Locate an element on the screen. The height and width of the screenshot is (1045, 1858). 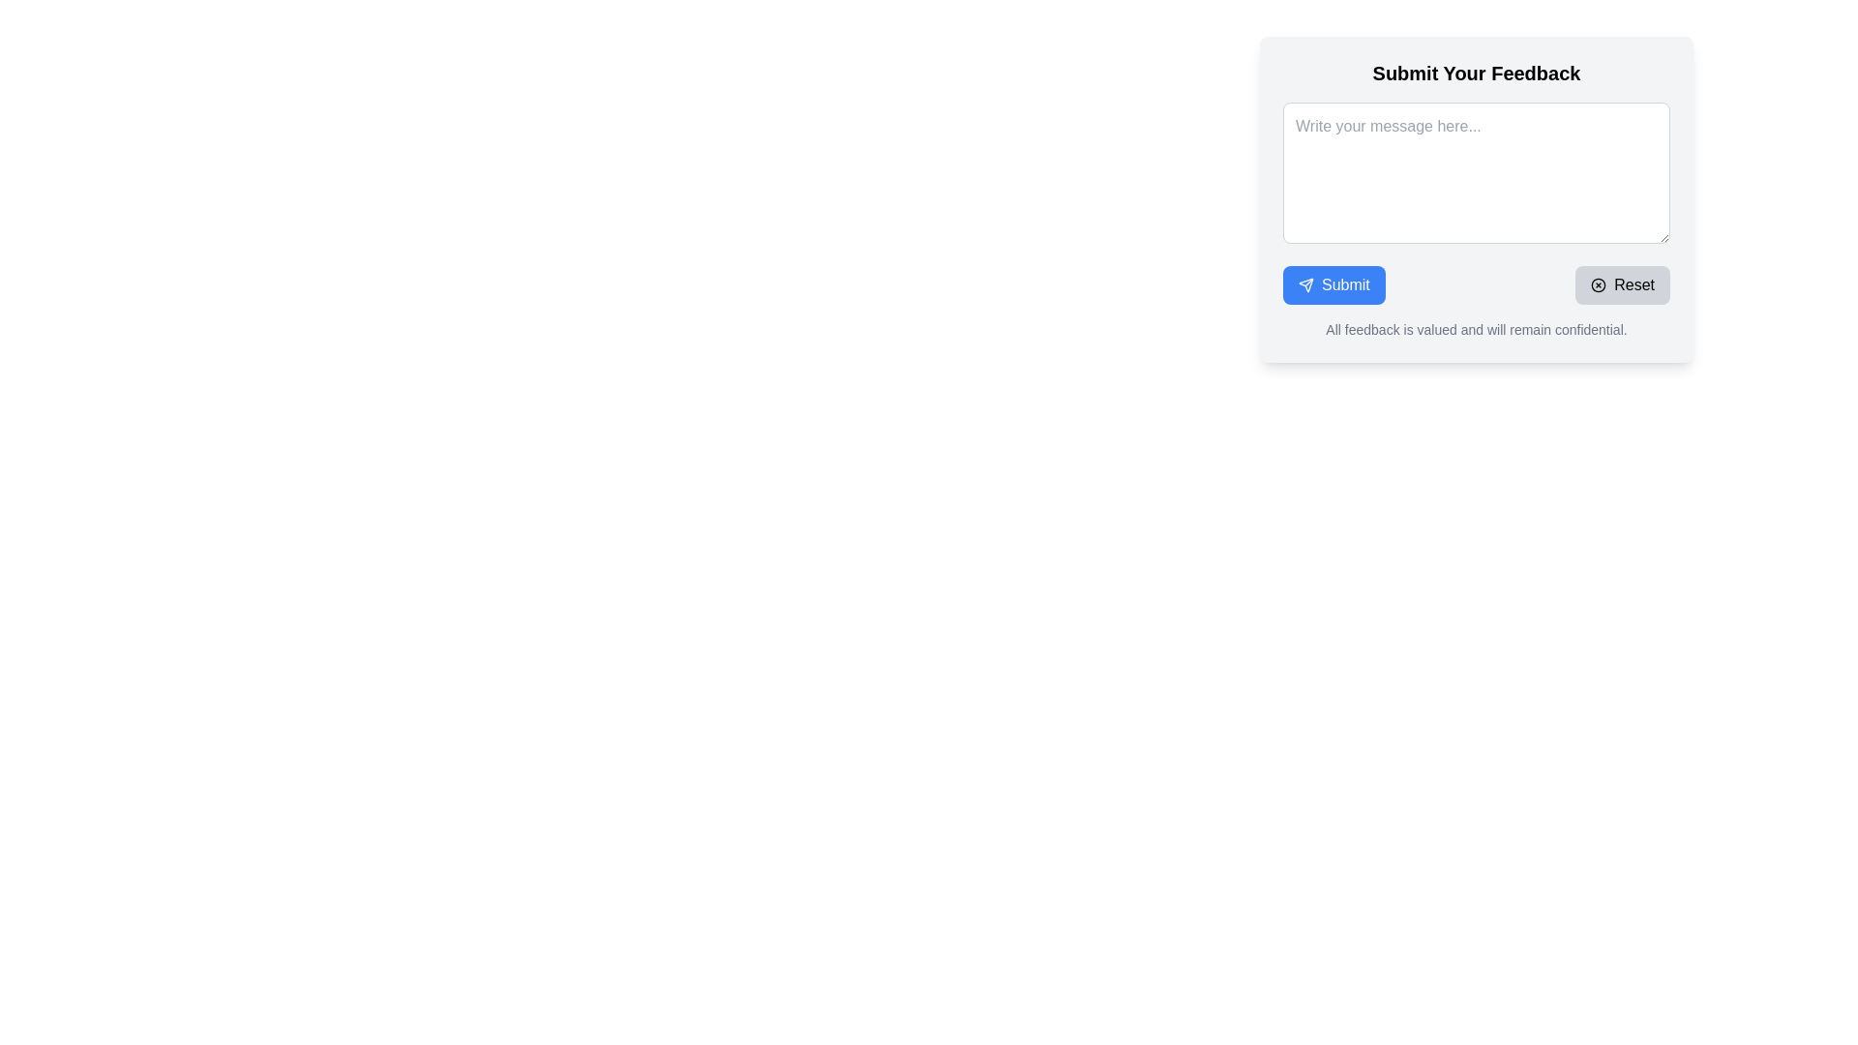
the paper plane icon located inside the 'Submit' button on the feedback submission interface is located at coordinates (1305, 284).